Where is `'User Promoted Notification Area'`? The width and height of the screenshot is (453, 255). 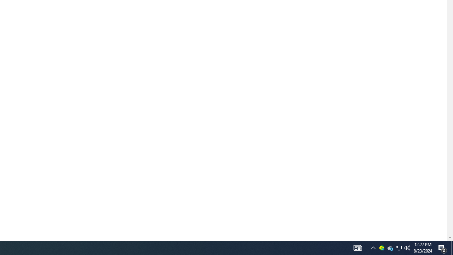 'User Promoted Notification Area' is located at coordinates (399, 247).